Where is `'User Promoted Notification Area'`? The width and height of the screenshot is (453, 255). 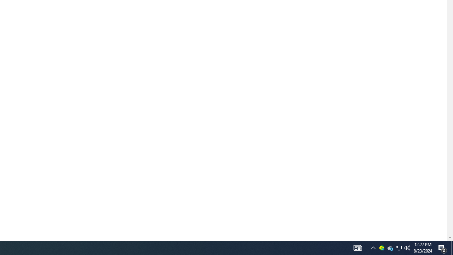 'User Promoted Notification Area' is located at coordinates (399, 247).